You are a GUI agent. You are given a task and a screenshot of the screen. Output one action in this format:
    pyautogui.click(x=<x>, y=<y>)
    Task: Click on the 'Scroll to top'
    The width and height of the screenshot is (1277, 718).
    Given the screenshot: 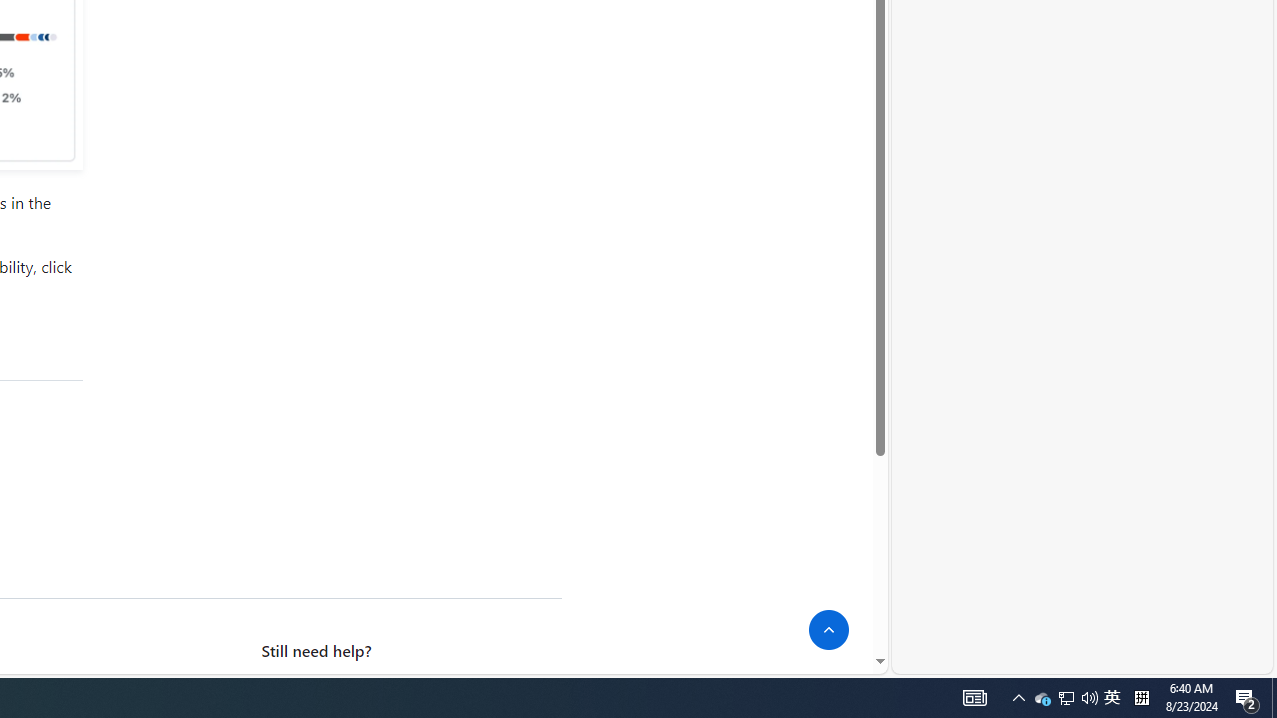 What is the action you would take?
    pyautogui.click(x=829, y=630)
    